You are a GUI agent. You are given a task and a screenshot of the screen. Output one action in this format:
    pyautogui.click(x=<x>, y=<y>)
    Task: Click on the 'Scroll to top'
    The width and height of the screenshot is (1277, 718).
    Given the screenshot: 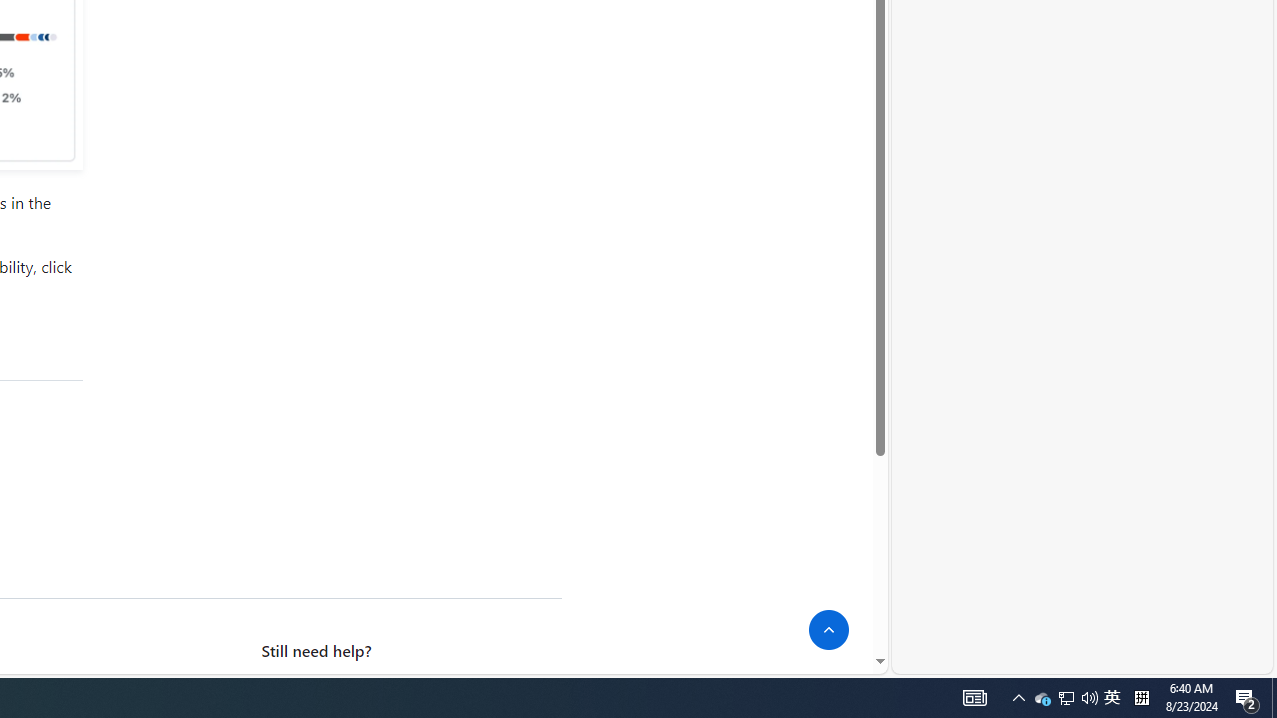 What is the action you would take?
    pyautogui.click(x=829, y=630)
    